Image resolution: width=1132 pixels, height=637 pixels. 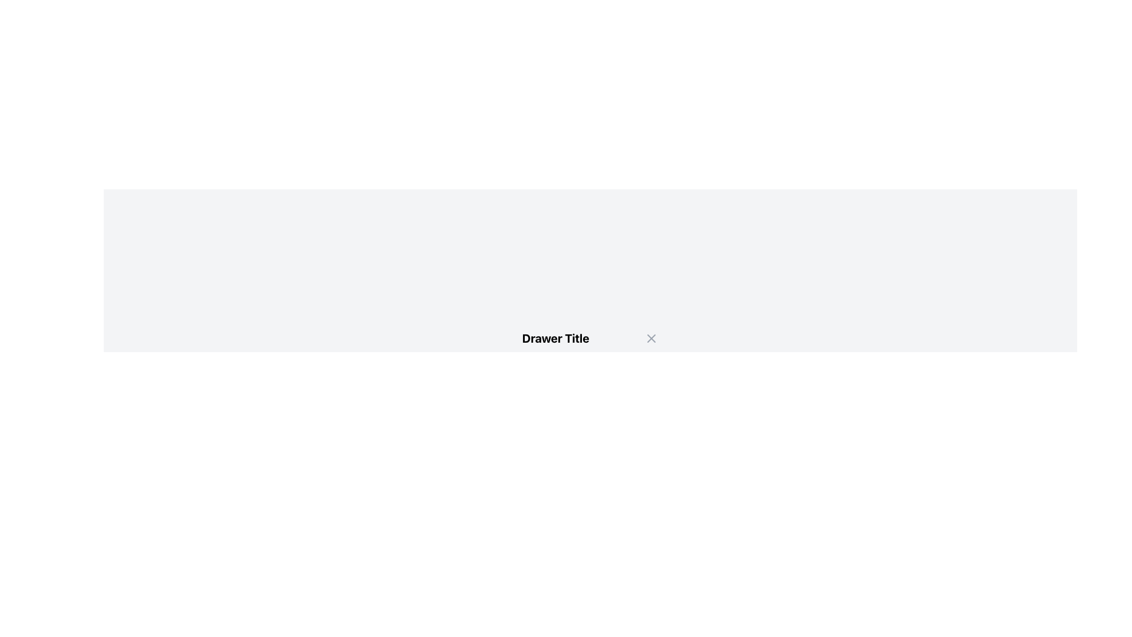 What do you see at coordinates (651, 339) in the screenshot?
I see `the small circular button with a gray outline and a cross symbol in the middle, located in the top-right corner of the header section` at bounding box center [651, 339].